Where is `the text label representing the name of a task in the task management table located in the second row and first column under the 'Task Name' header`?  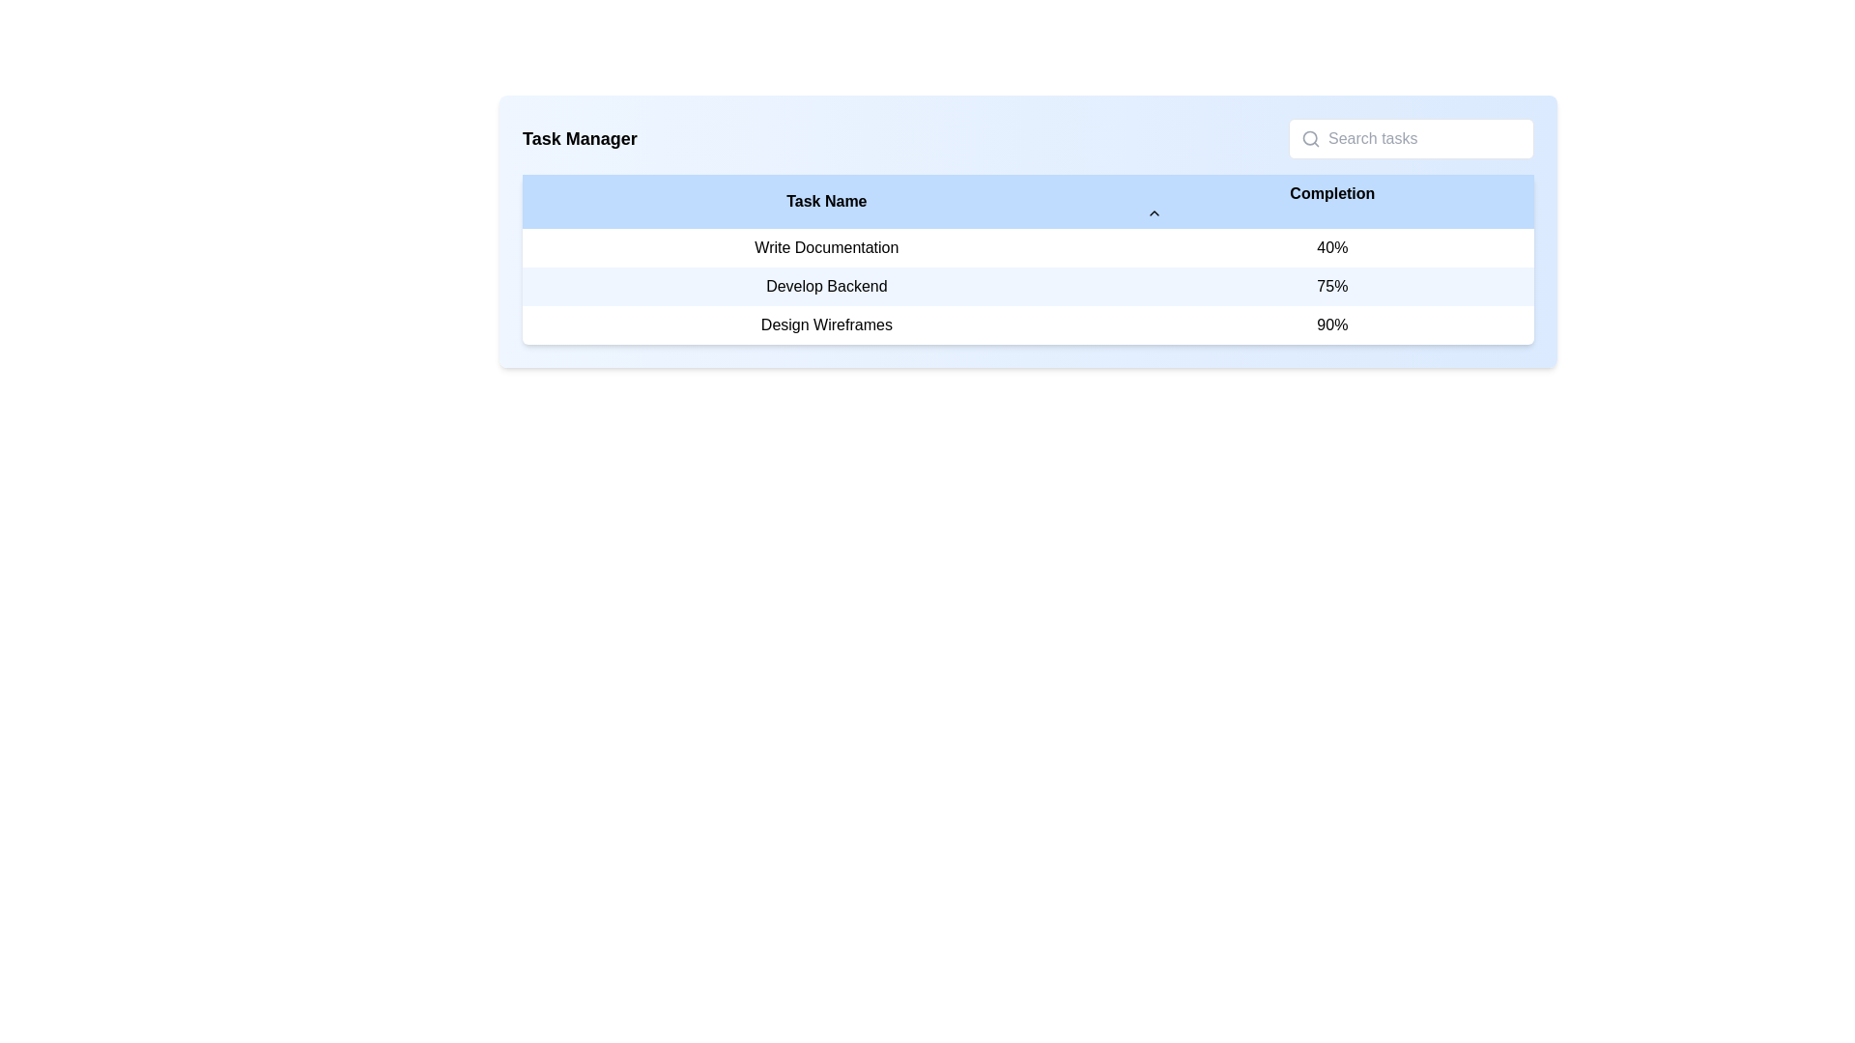
the text label representing the name of a task in the task management table located in the second row and first column under the 'Task Name' header is located at coordinates (826, 287).